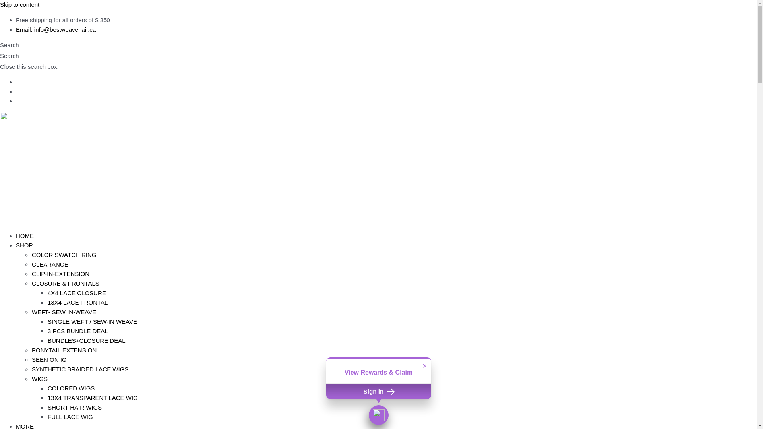 This screenshot has width=763, height=429. I want to click on '3 PCS BUNDLE DEAL', so click(47, 331).